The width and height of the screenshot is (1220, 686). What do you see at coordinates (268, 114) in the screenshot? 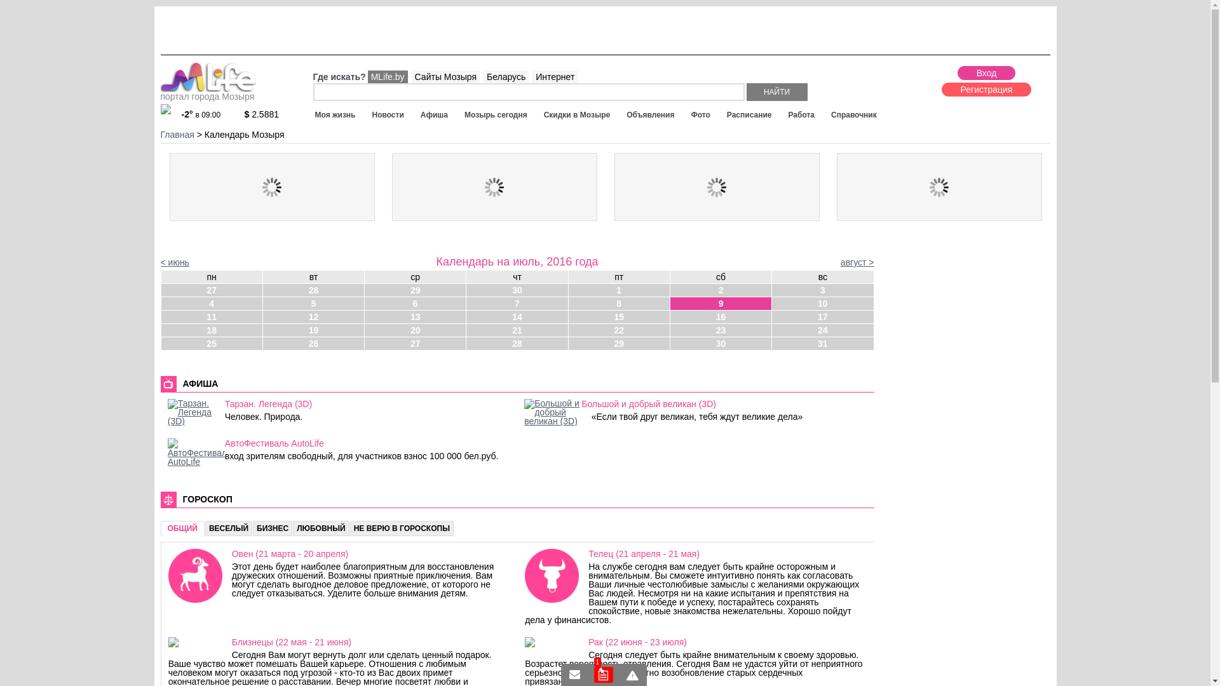
I see `'$ 2.5881'` at bounding box center [268, 114].